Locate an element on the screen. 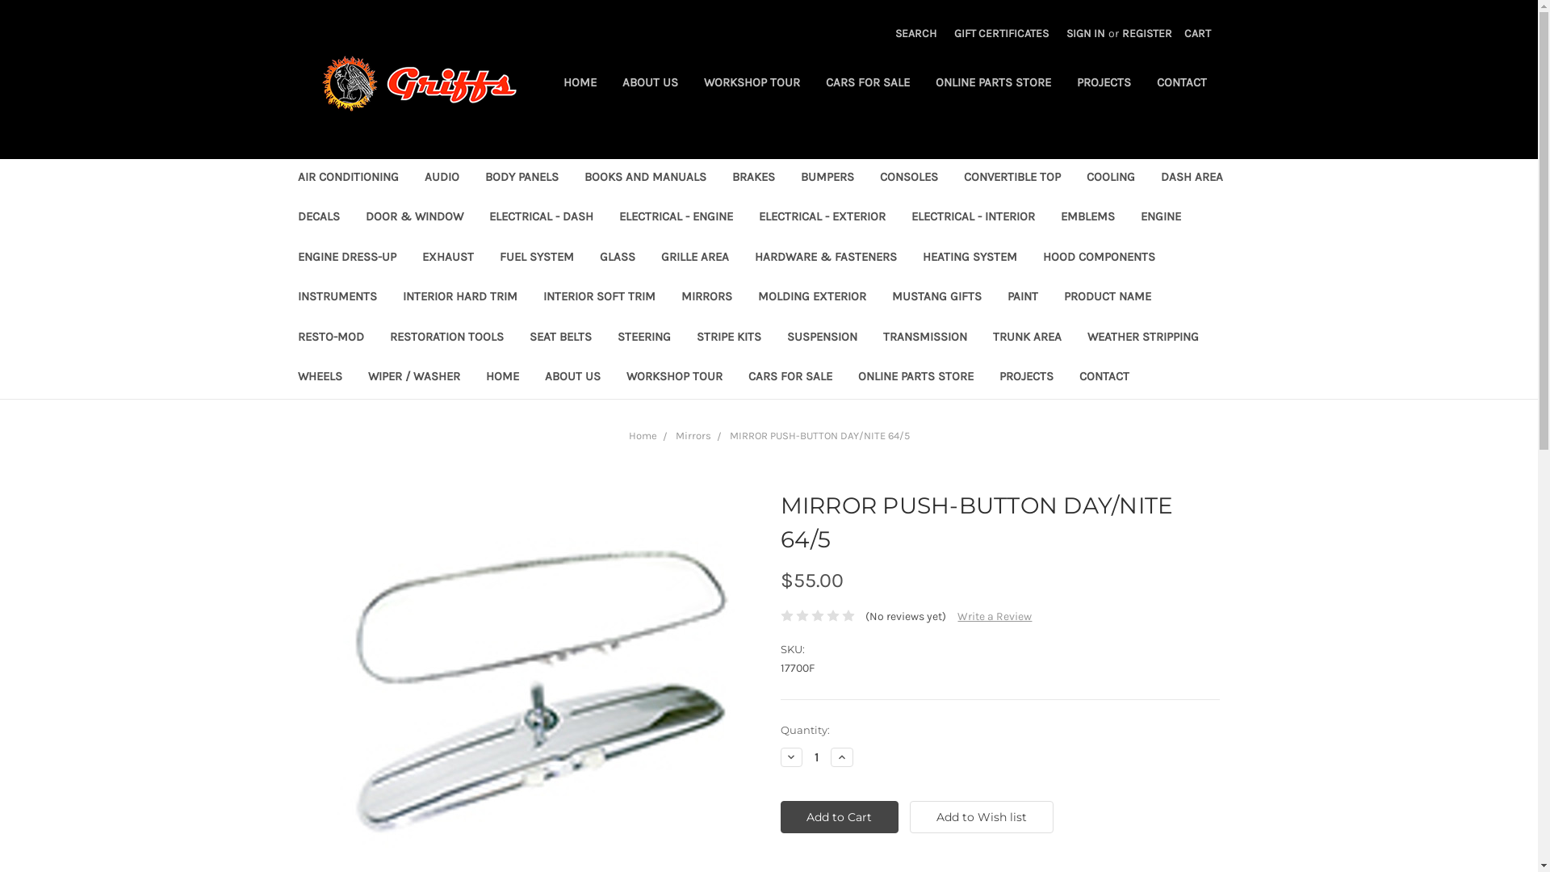  'STRIPE KITS' is located at coordinates (682, 337).